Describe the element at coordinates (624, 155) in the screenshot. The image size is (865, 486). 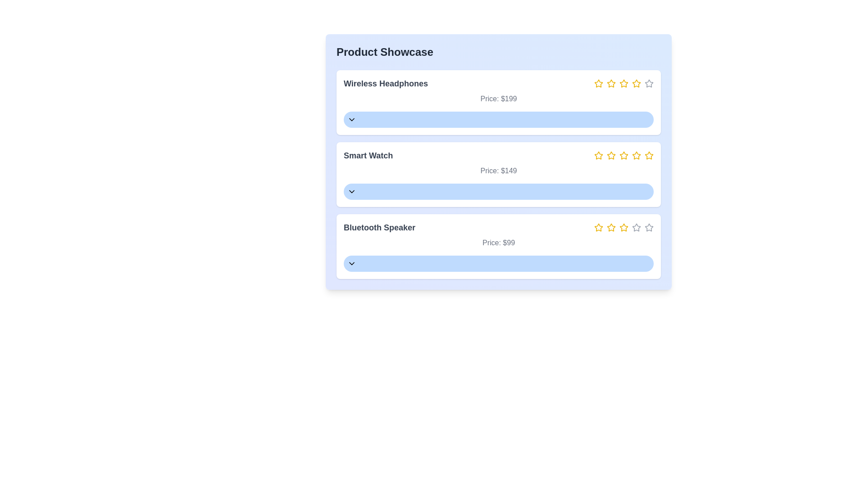
I see `the fourth yellow star in the rating widget for the 'Smart Watch' section` at that location.